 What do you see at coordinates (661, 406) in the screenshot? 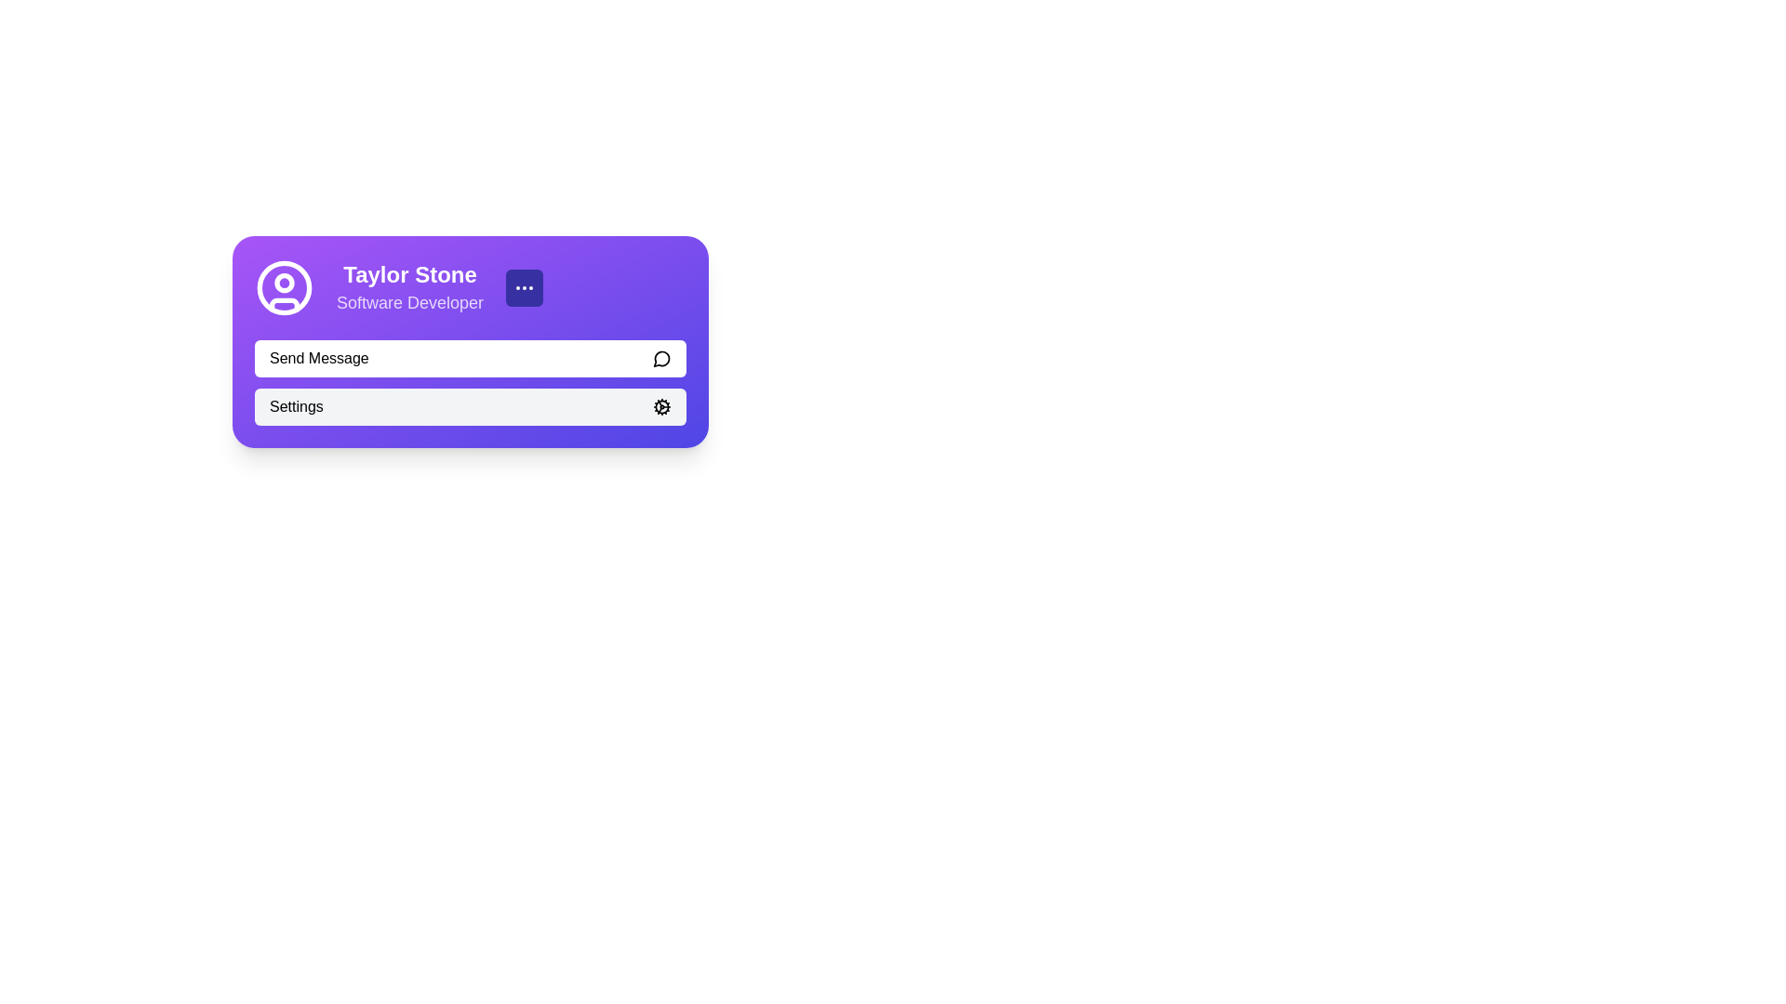
I see `the circular icon located at the center of the gear-shaped settings button in the purple user profile panel` at bounding box center [661, 406].